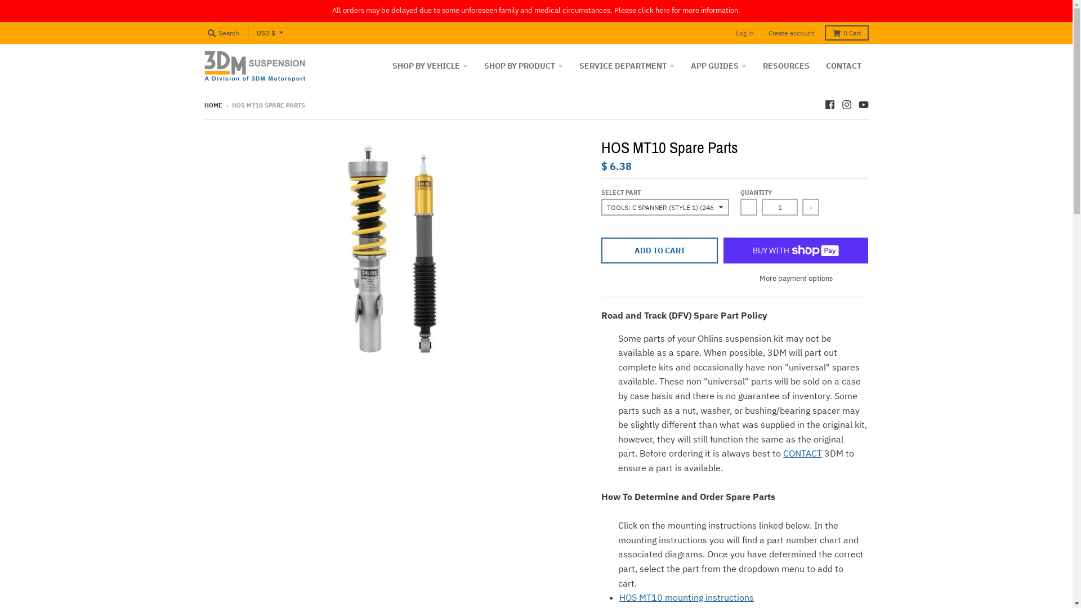 This screenshot has width=1081, height=608. Describe the element at coordinates (618, 596) in the screenshot. I see `'HOS MT10 mounting instructions'` at that location.